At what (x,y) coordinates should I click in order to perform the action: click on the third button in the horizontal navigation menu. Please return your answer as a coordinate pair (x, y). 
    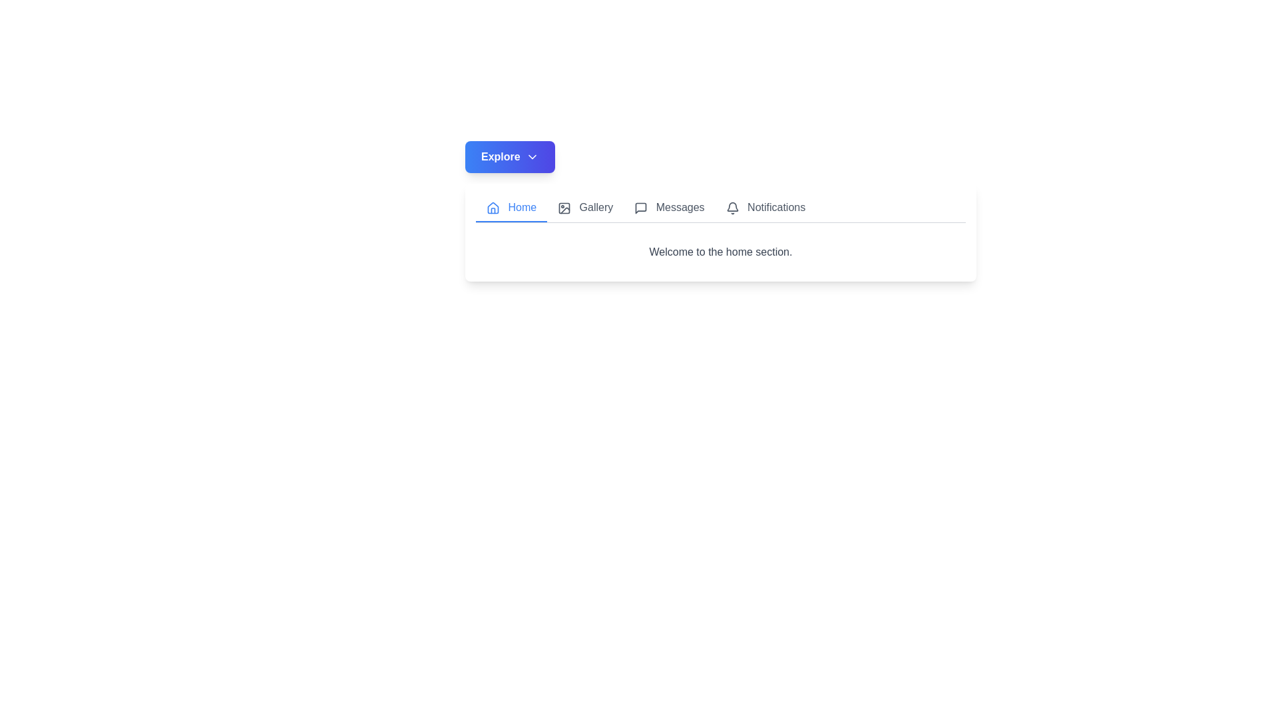
    Looking at the image, I should click on (669, 208).